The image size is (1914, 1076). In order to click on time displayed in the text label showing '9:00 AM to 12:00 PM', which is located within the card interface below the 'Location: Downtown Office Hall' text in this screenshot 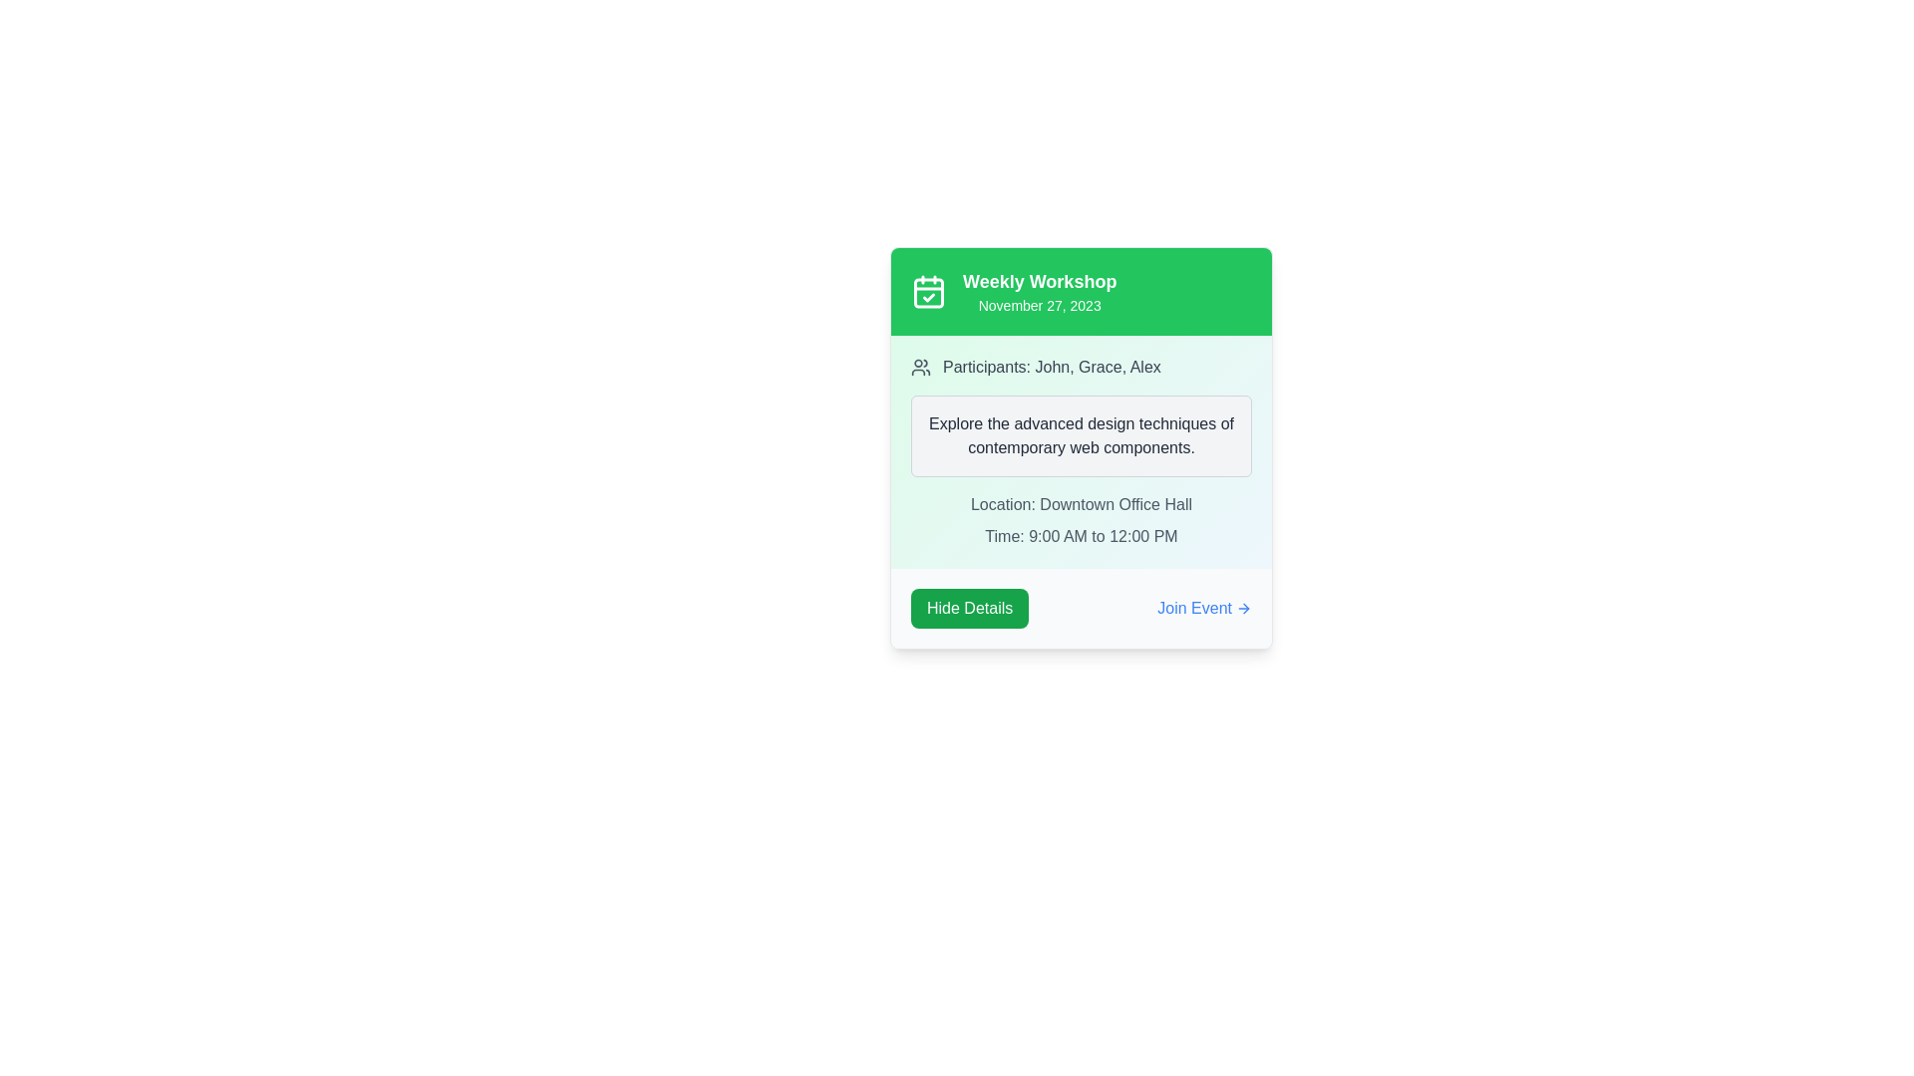, I will do `click(1080, 536)`.